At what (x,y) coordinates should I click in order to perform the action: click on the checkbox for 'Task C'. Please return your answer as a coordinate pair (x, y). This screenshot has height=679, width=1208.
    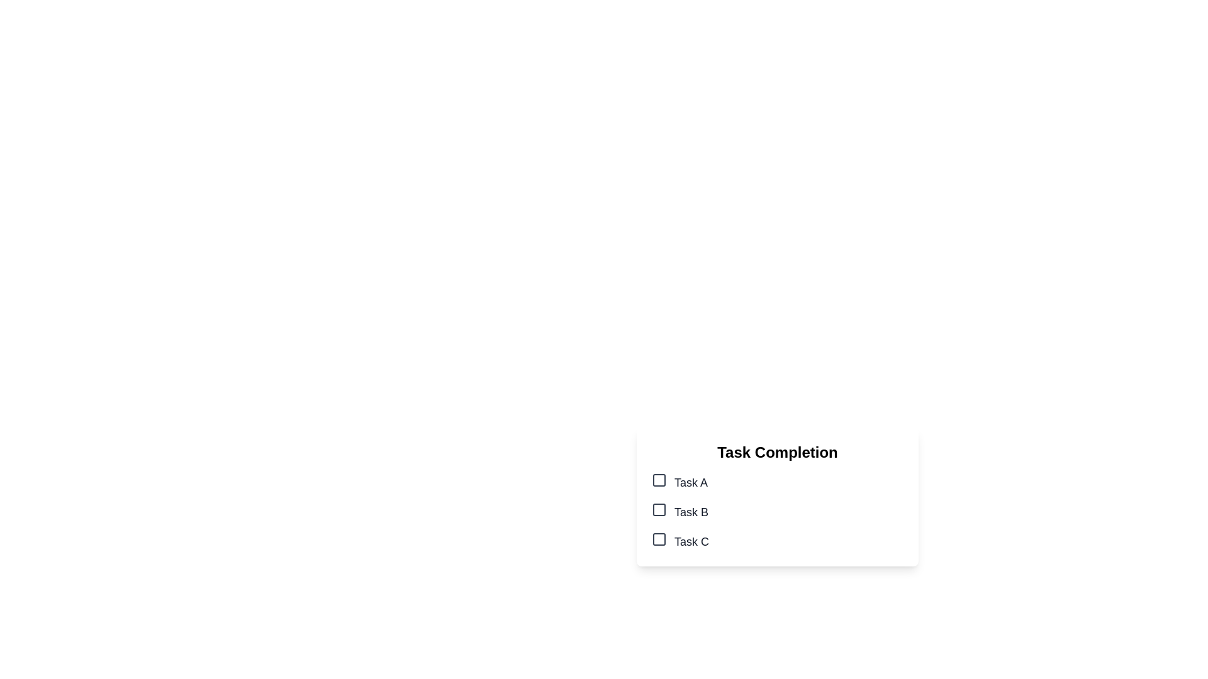
    Looking at the image, I should click on (658, 538).